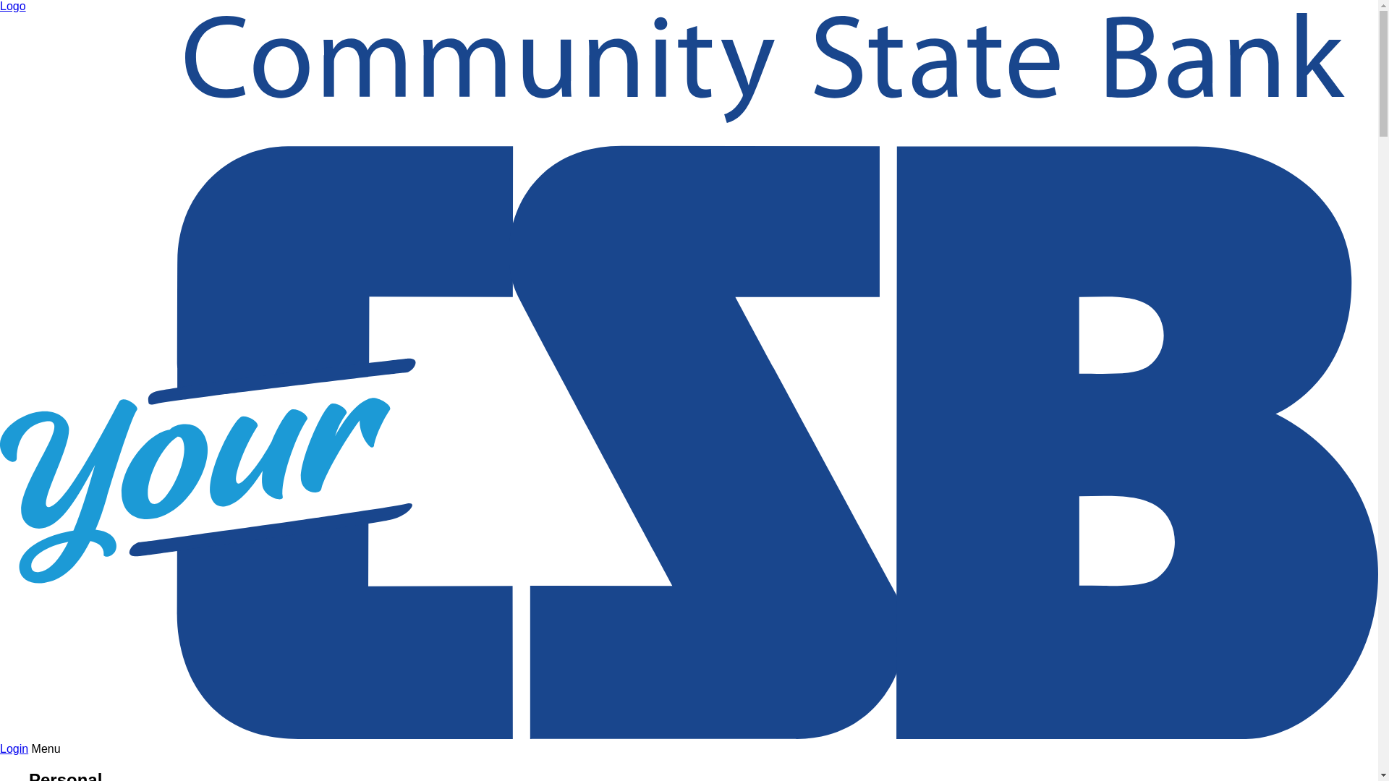  What do you see at coordinates (14, 748) in the screenshot?
I see `'Login'` at bounding box center [14, 748].